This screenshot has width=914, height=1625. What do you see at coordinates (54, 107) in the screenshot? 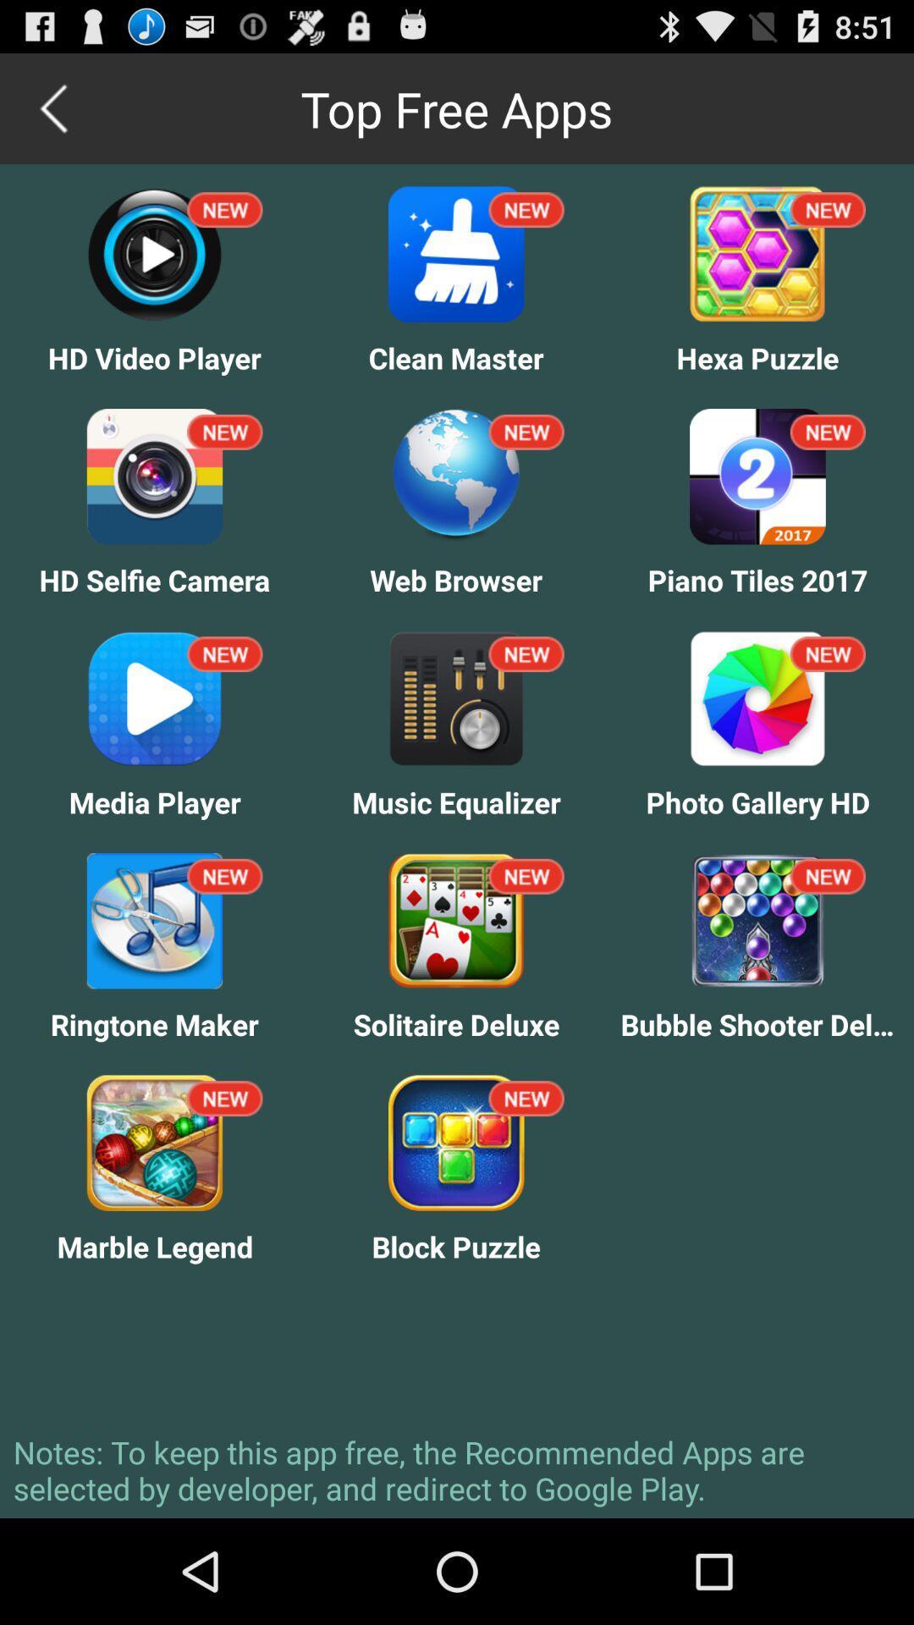
I see `the app to the left of top free apps` at bounding box center [54, 107].